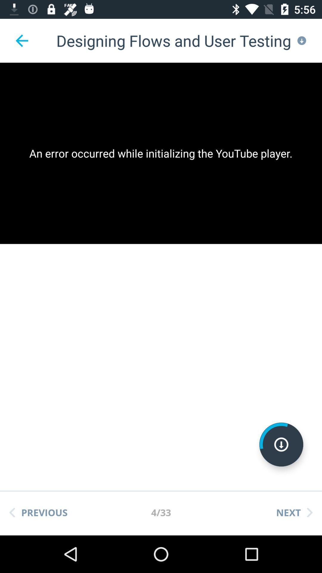 The image size is (322, 573). What do you see at coordinates (21, 40) in the screenshot?
I see `item next to the designing flows and item` at bounding box center [21, 40].